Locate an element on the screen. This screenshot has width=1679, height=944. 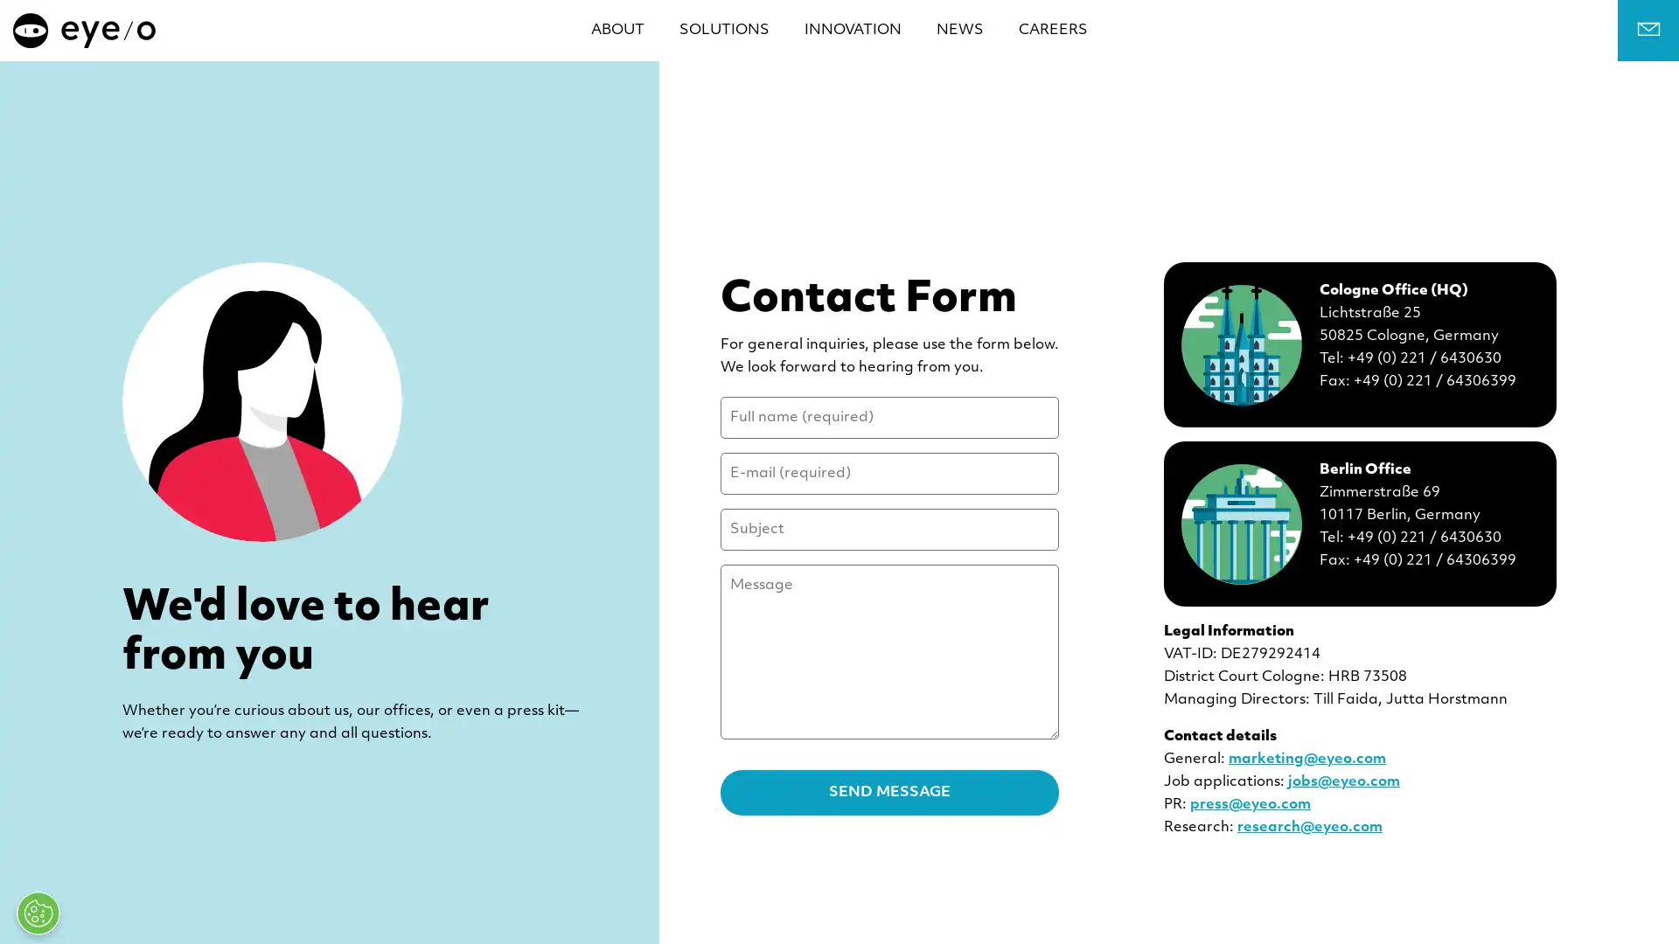
Send message is located at coordinates (889, 792).